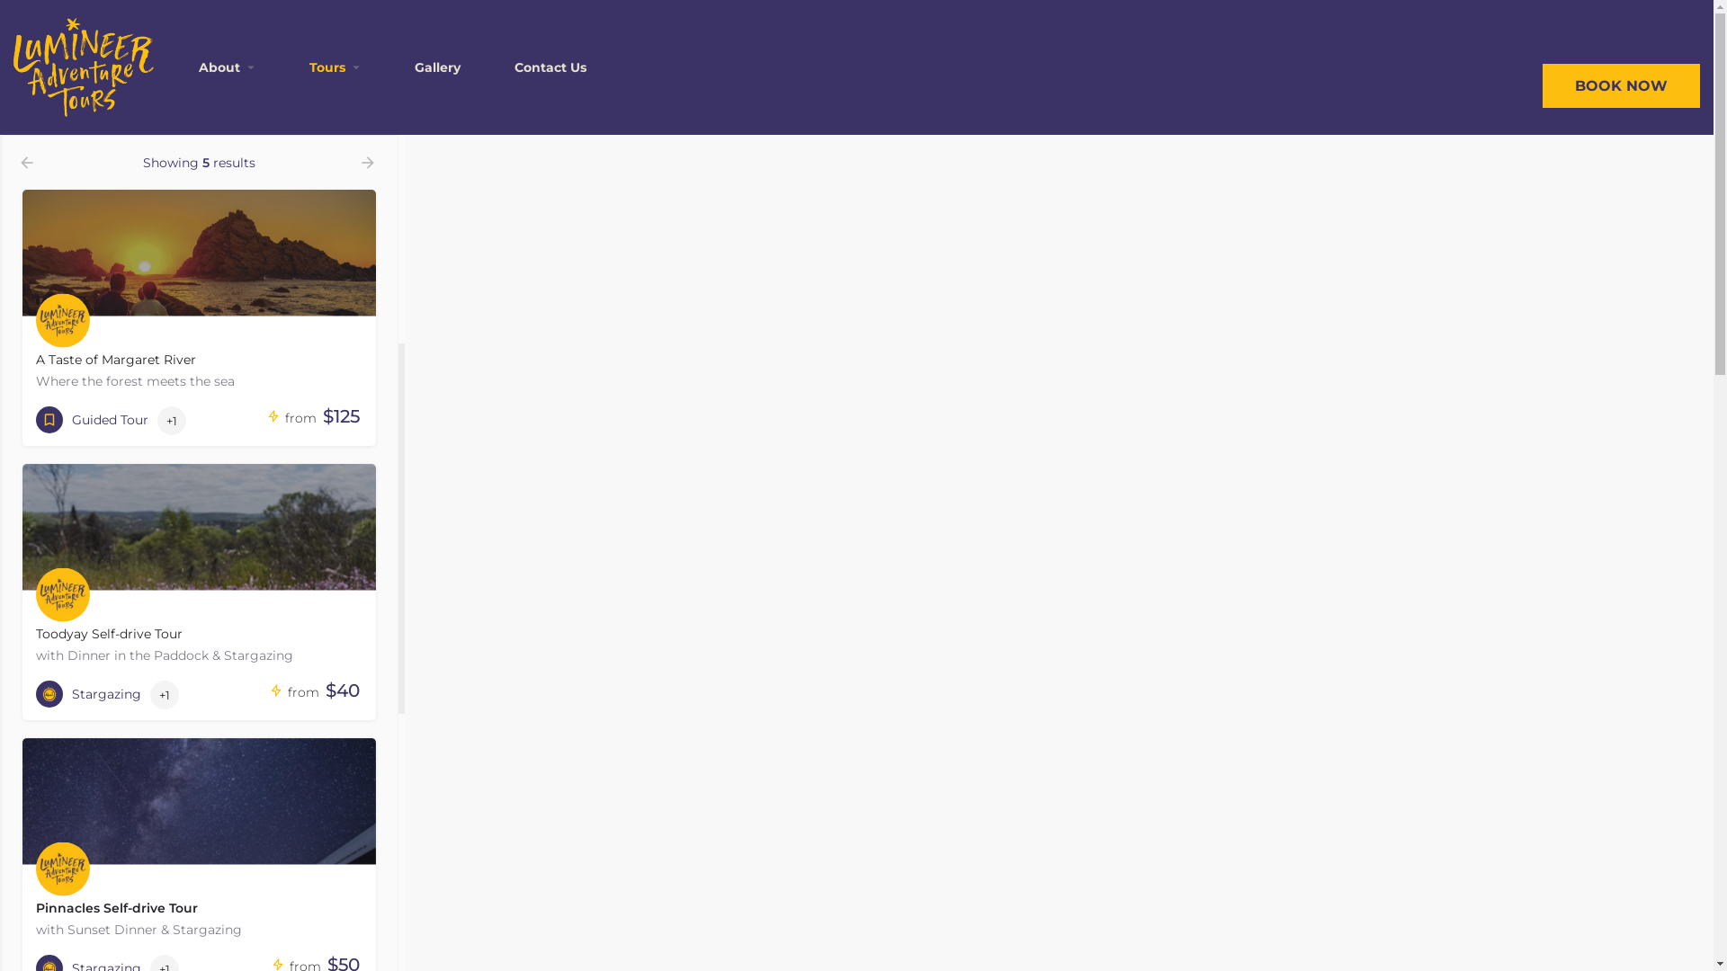 The height and width of the screenshot is (971, 1727). I want to click on 'Tours', so click(309, 66).